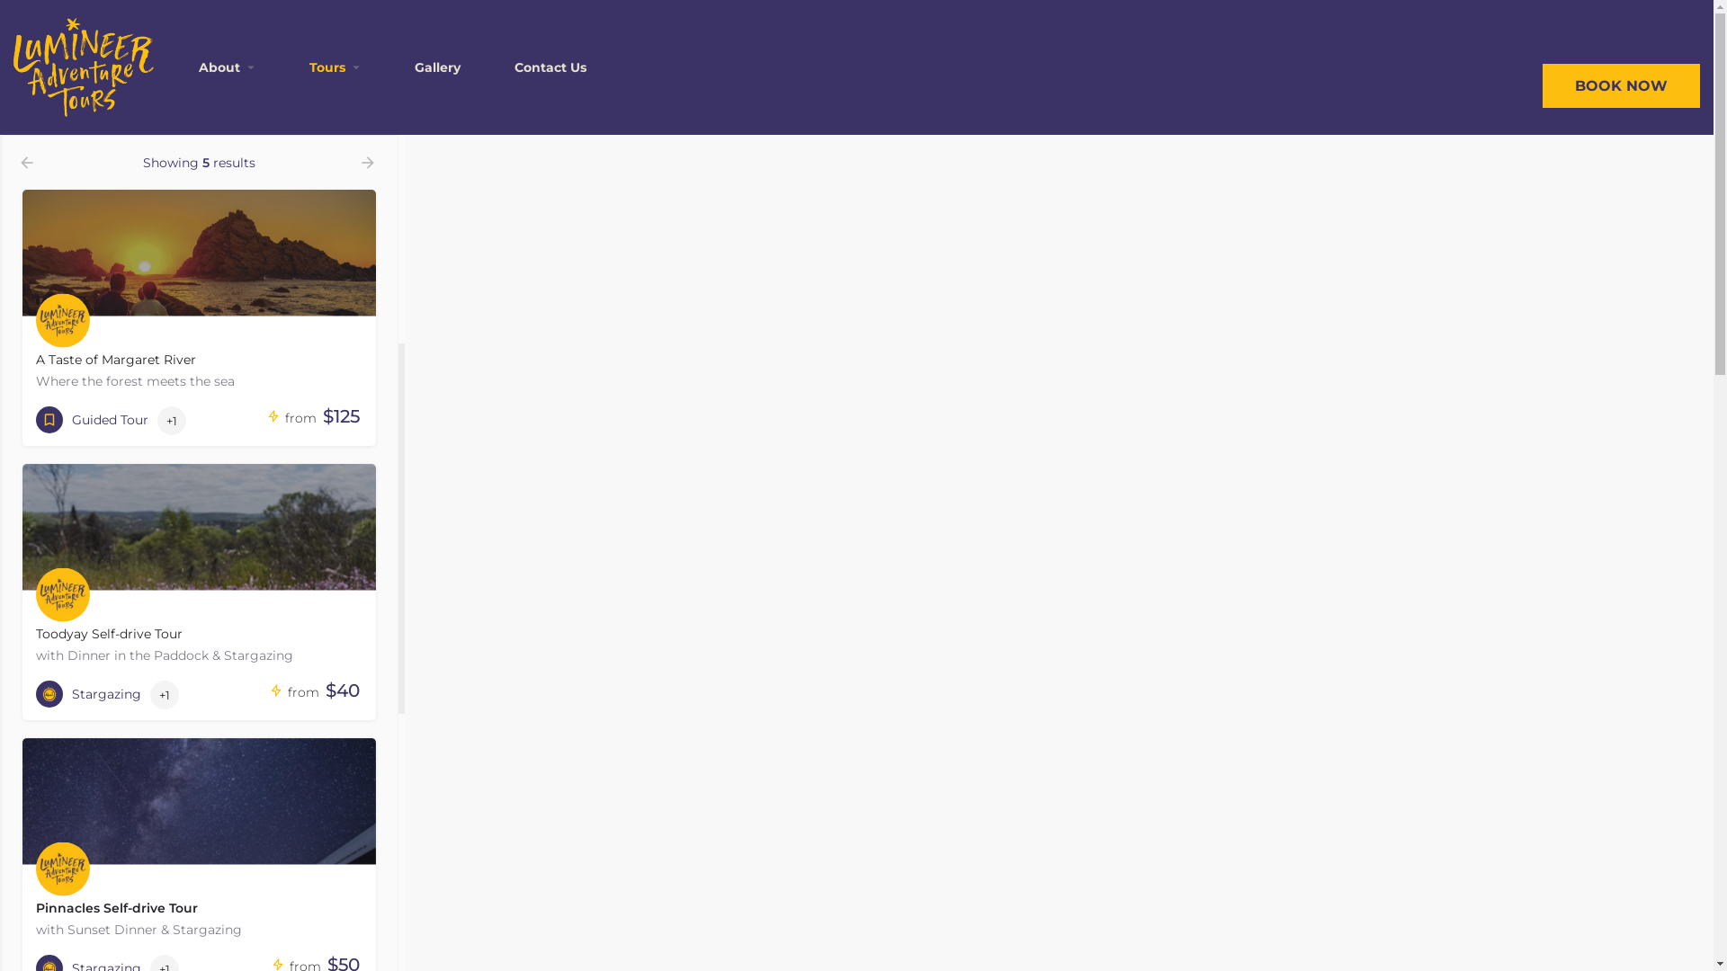 The height and width of the screenshot is (971, 1727). I want to click on 'Tours', so click(309, 66).